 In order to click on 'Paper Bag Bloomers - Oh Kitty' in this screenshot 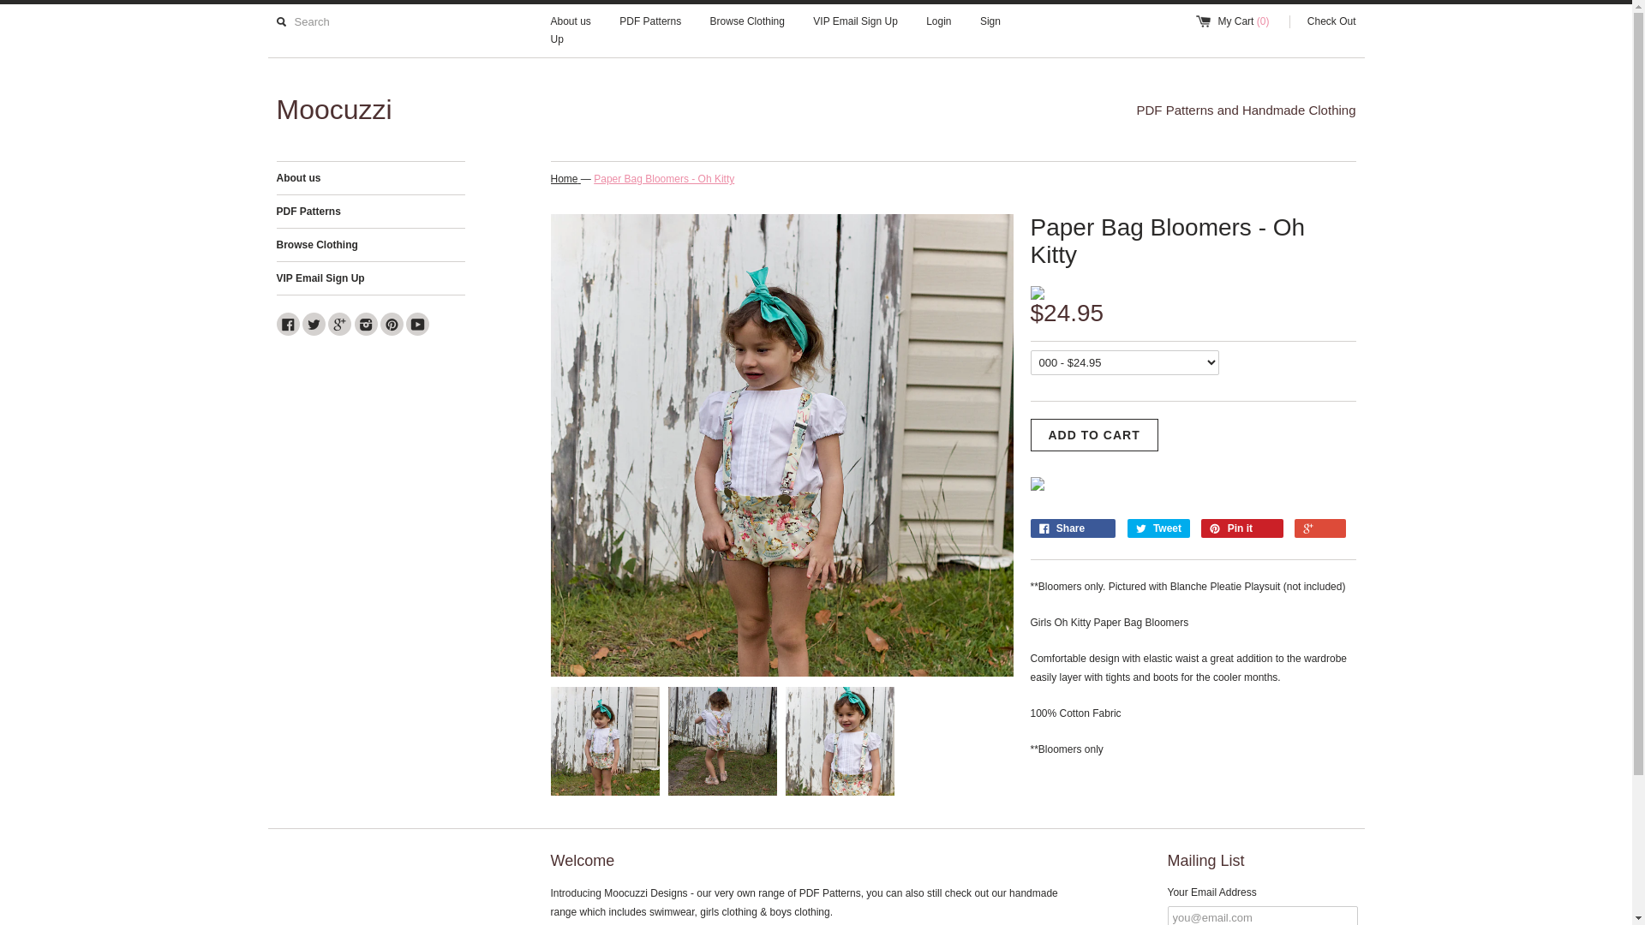, I will do `click(662, 179)`.